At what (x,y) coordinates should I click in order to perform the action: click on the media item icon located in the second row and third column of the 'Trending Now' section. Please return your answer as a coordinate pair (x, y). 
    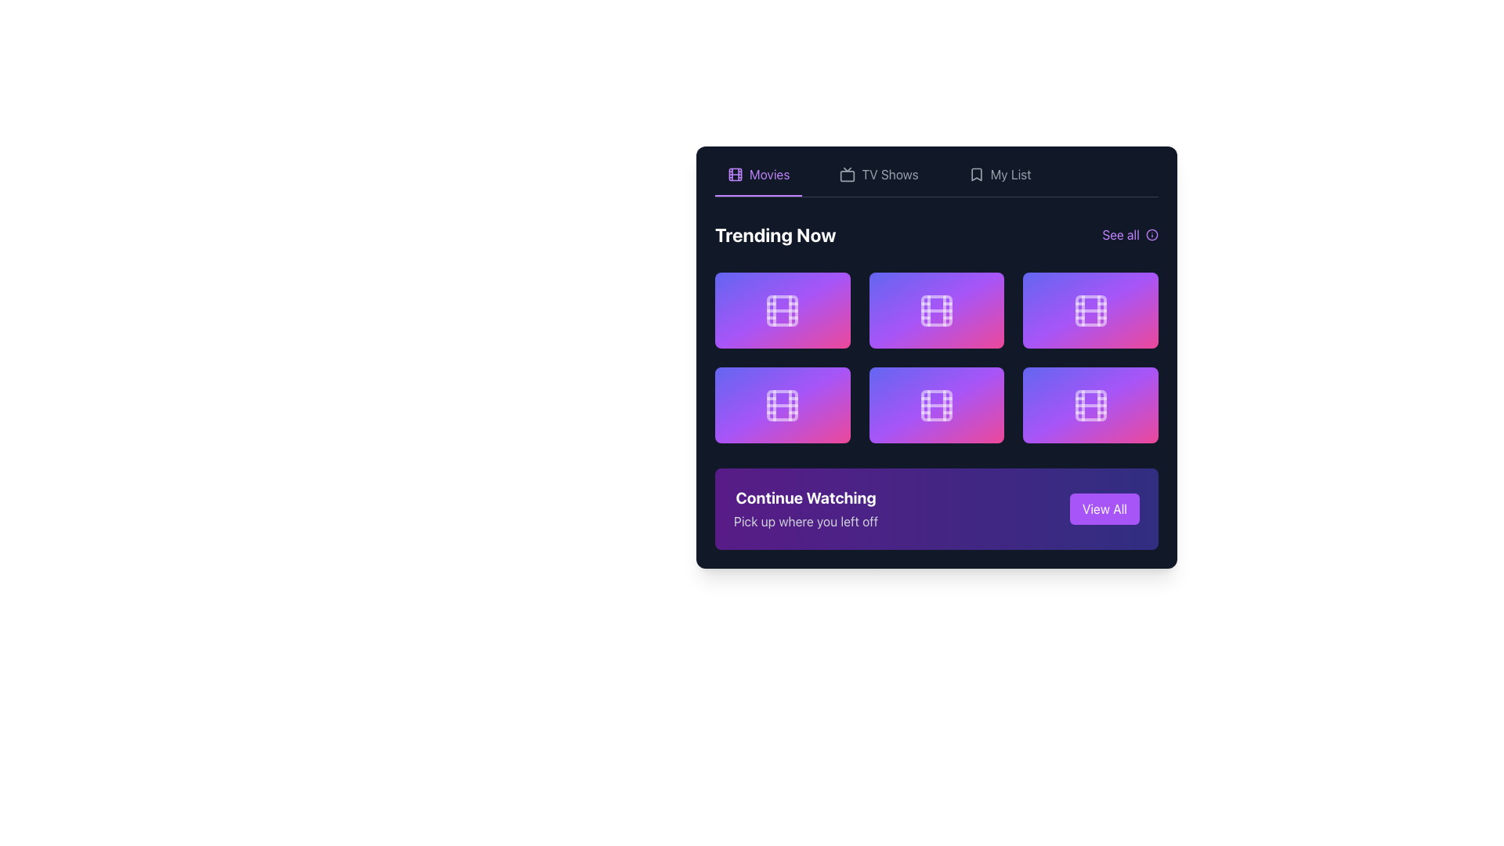
    Looking at the image, I should click on (1090, 310).